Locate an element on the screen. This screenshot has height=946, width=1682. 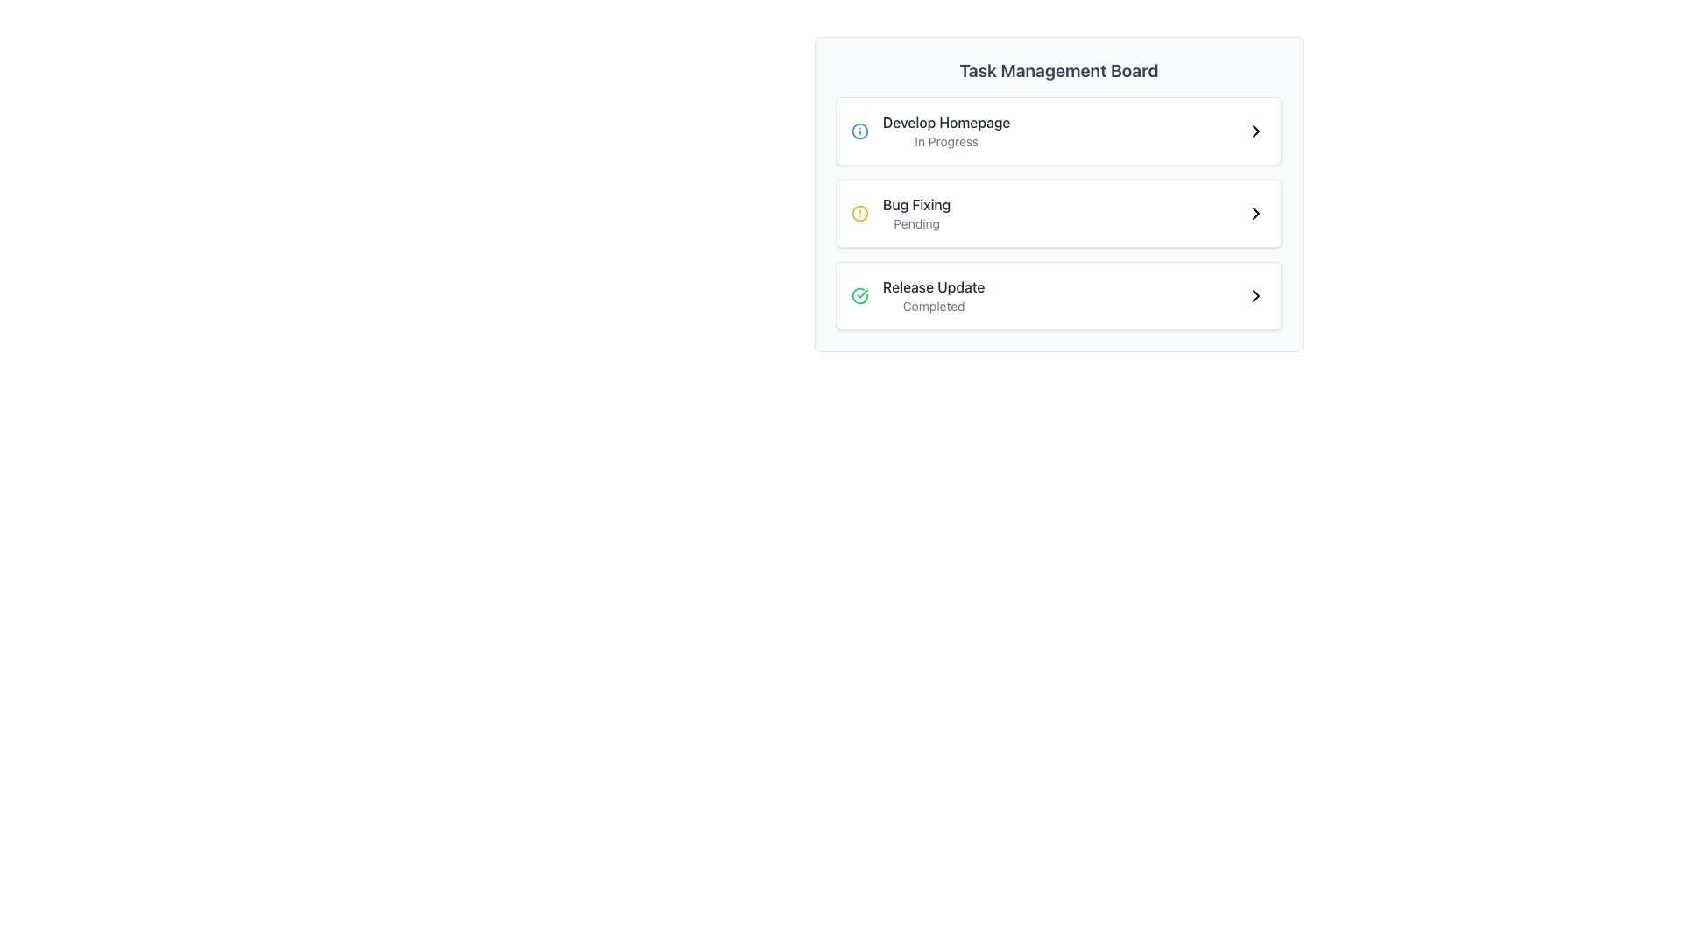
the 'Bug Fixing' text label, which is styled in medium font weight and dark gray color, located in the second task entry above the 'Pending' subtitle is located at coordinates (915, 204).